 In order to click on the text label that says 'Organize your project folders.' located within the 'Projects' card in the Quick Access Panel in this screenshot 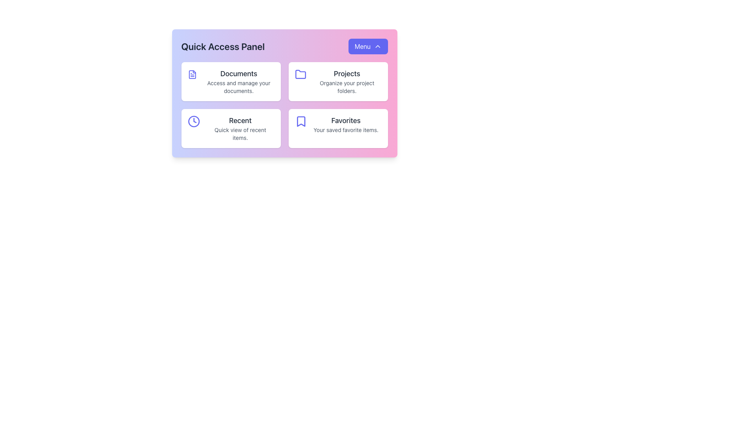, I will do `click(347, 87)`.